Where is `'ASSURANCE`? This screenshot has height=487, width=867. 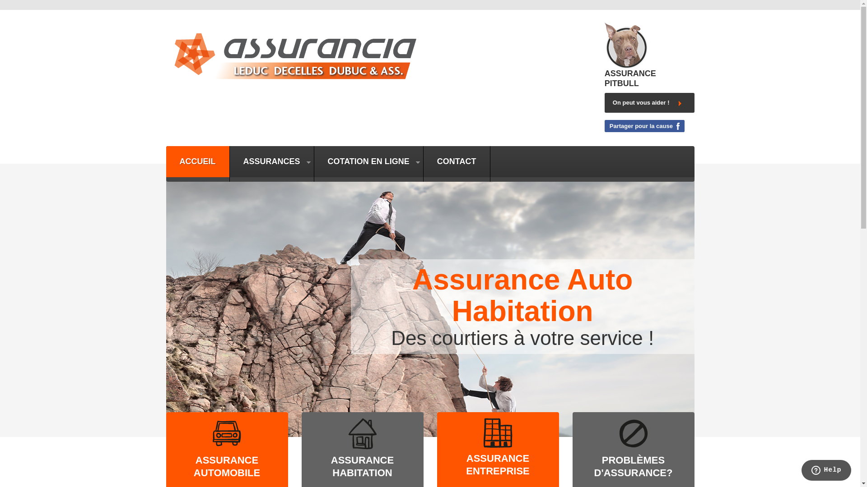 'ASSURANCE is located at coordinates (497, 464).